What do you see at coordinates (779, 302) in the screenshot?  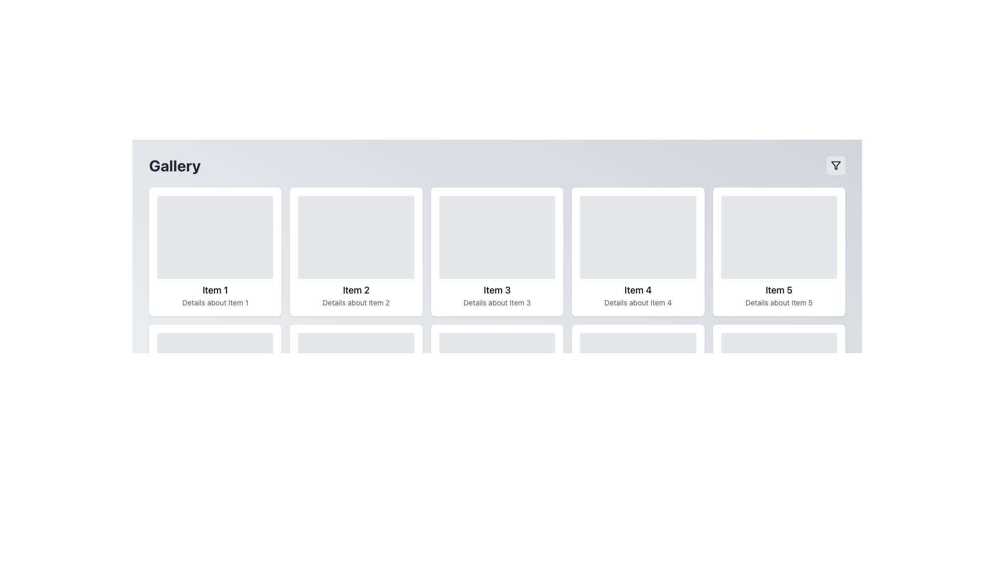 I see `the gray text label that reads 'Details about Item 5', which is located below the title 'Item 5' in the card representing 'Item 5'` at bounding box center [779, 302].